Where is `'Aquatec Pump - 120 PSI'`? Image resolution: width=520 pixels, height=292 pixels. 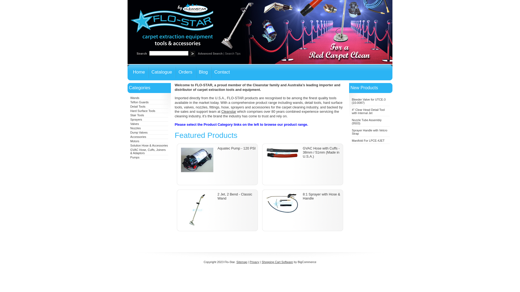
'Aquatec Pump - 120 PSI' is located at coordinates (217, 148).